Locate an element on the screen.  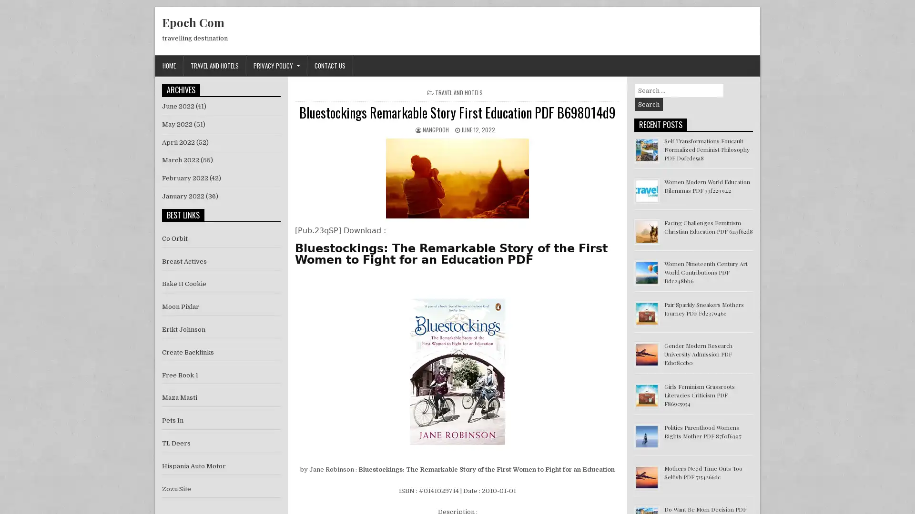
Search is located at coordinates (648, 104).